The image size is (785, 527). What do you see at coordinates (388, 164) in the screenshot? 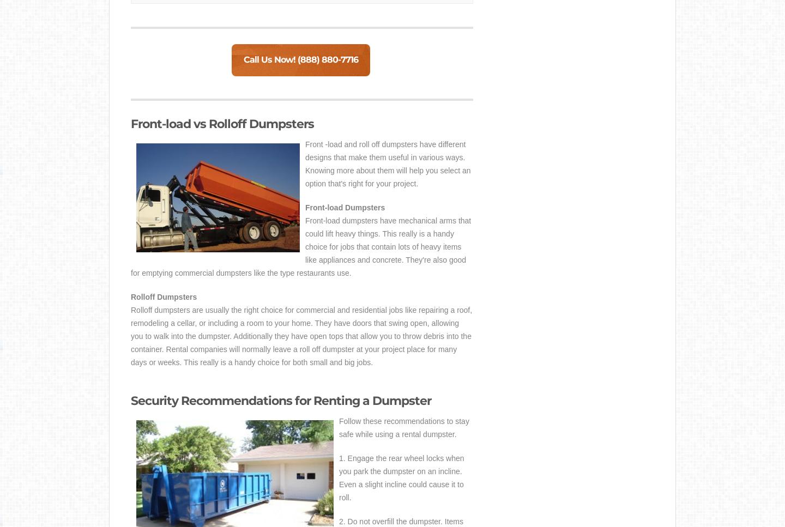
I see `'Front -load and roll off dumpsters have different designs that make them useful in various ways. Knowing more about them will help you select an option that's right for your project.'` at bounding box center [388, 164].